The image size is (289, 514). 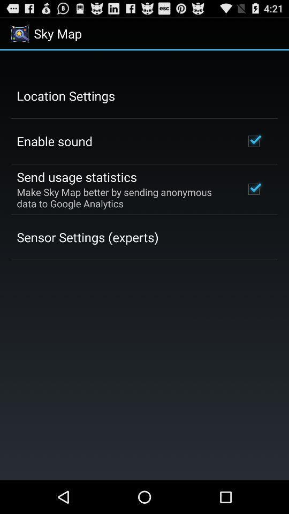 What do you see at coordinates (144, 264) in the screenshot?
I see `adjust settings` at bounding box center [144, 264].